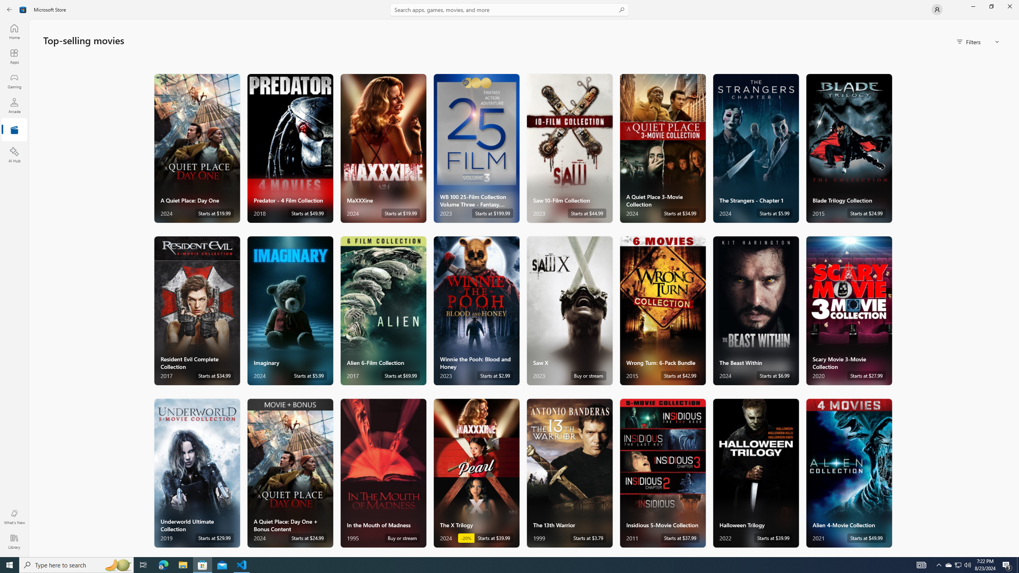  Describe the element at coordinates (569, 472) in the screenshot. I see `'The 13th Warrior. Starts at $3.79  '` at that location.